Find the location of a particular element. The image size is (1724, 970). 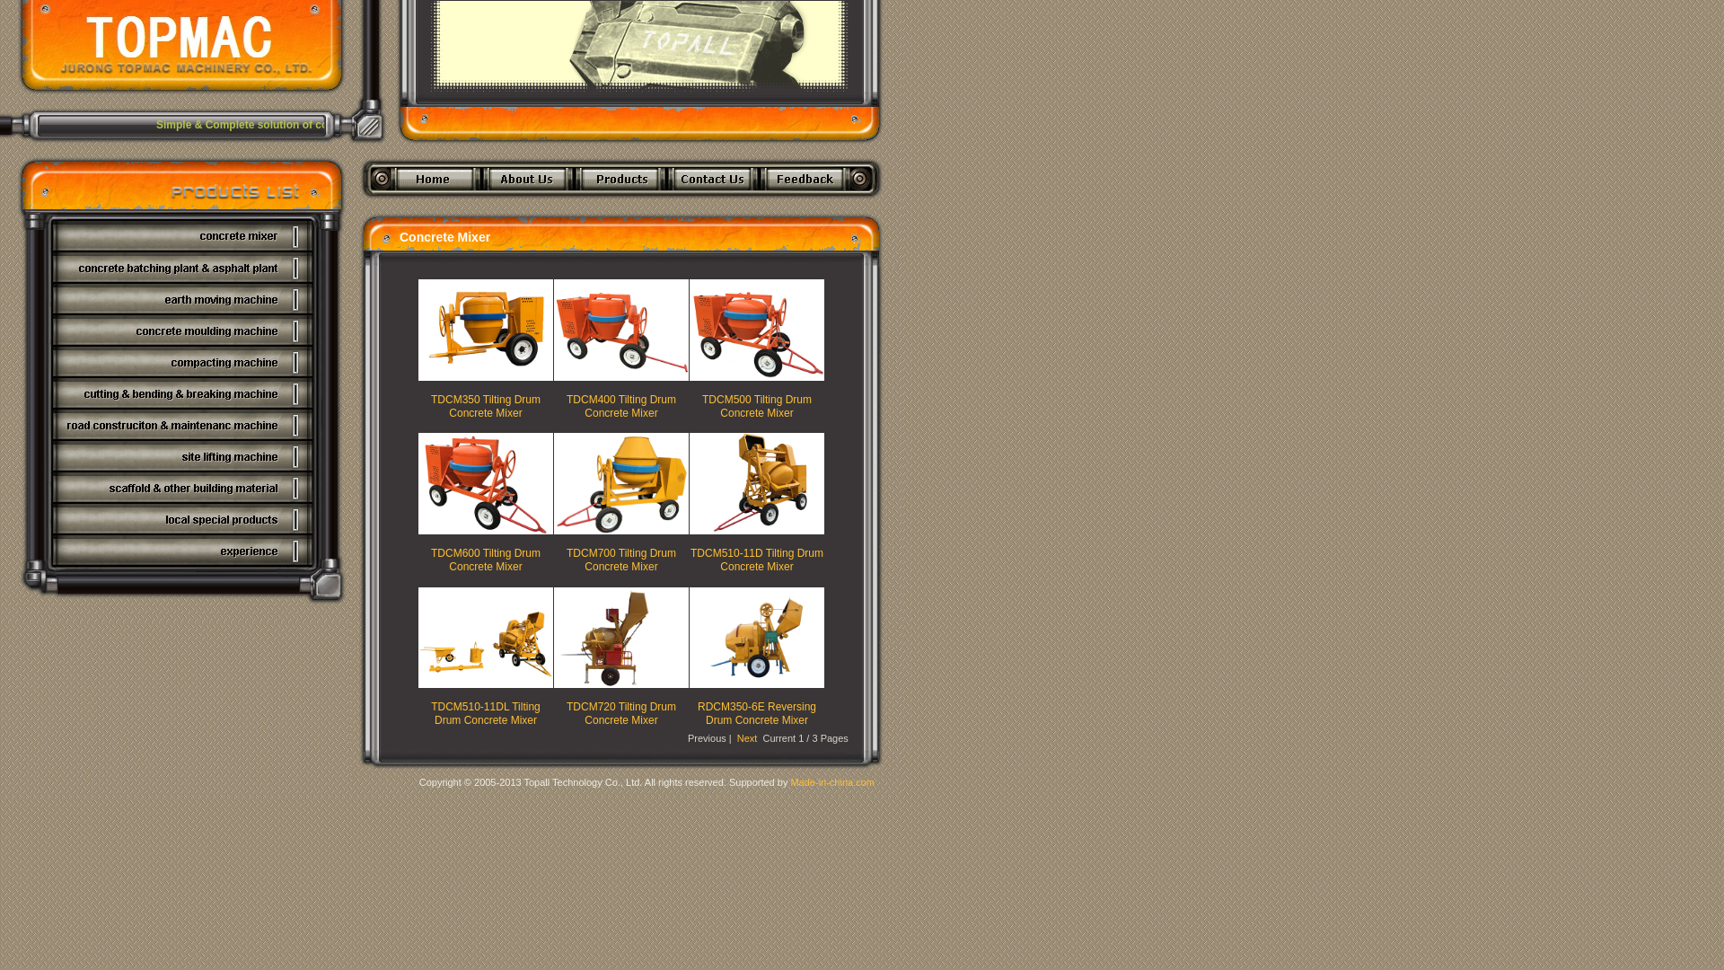

'RDCM350-6E Reversing Drum Concrete Mixer' is located at coordinates (757, 712).